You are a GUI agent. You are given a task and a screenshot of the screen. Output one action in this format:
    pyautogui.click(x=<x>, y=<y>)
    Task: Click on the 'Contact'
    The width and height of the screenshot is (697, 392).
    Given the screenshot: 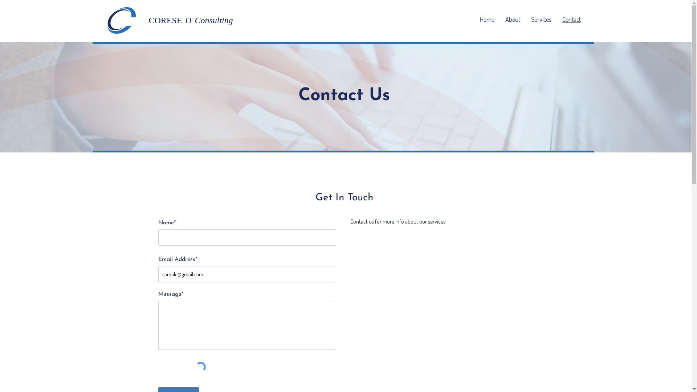 What is the action you would take?
    pyautogui.click(x=557, y=19)
    